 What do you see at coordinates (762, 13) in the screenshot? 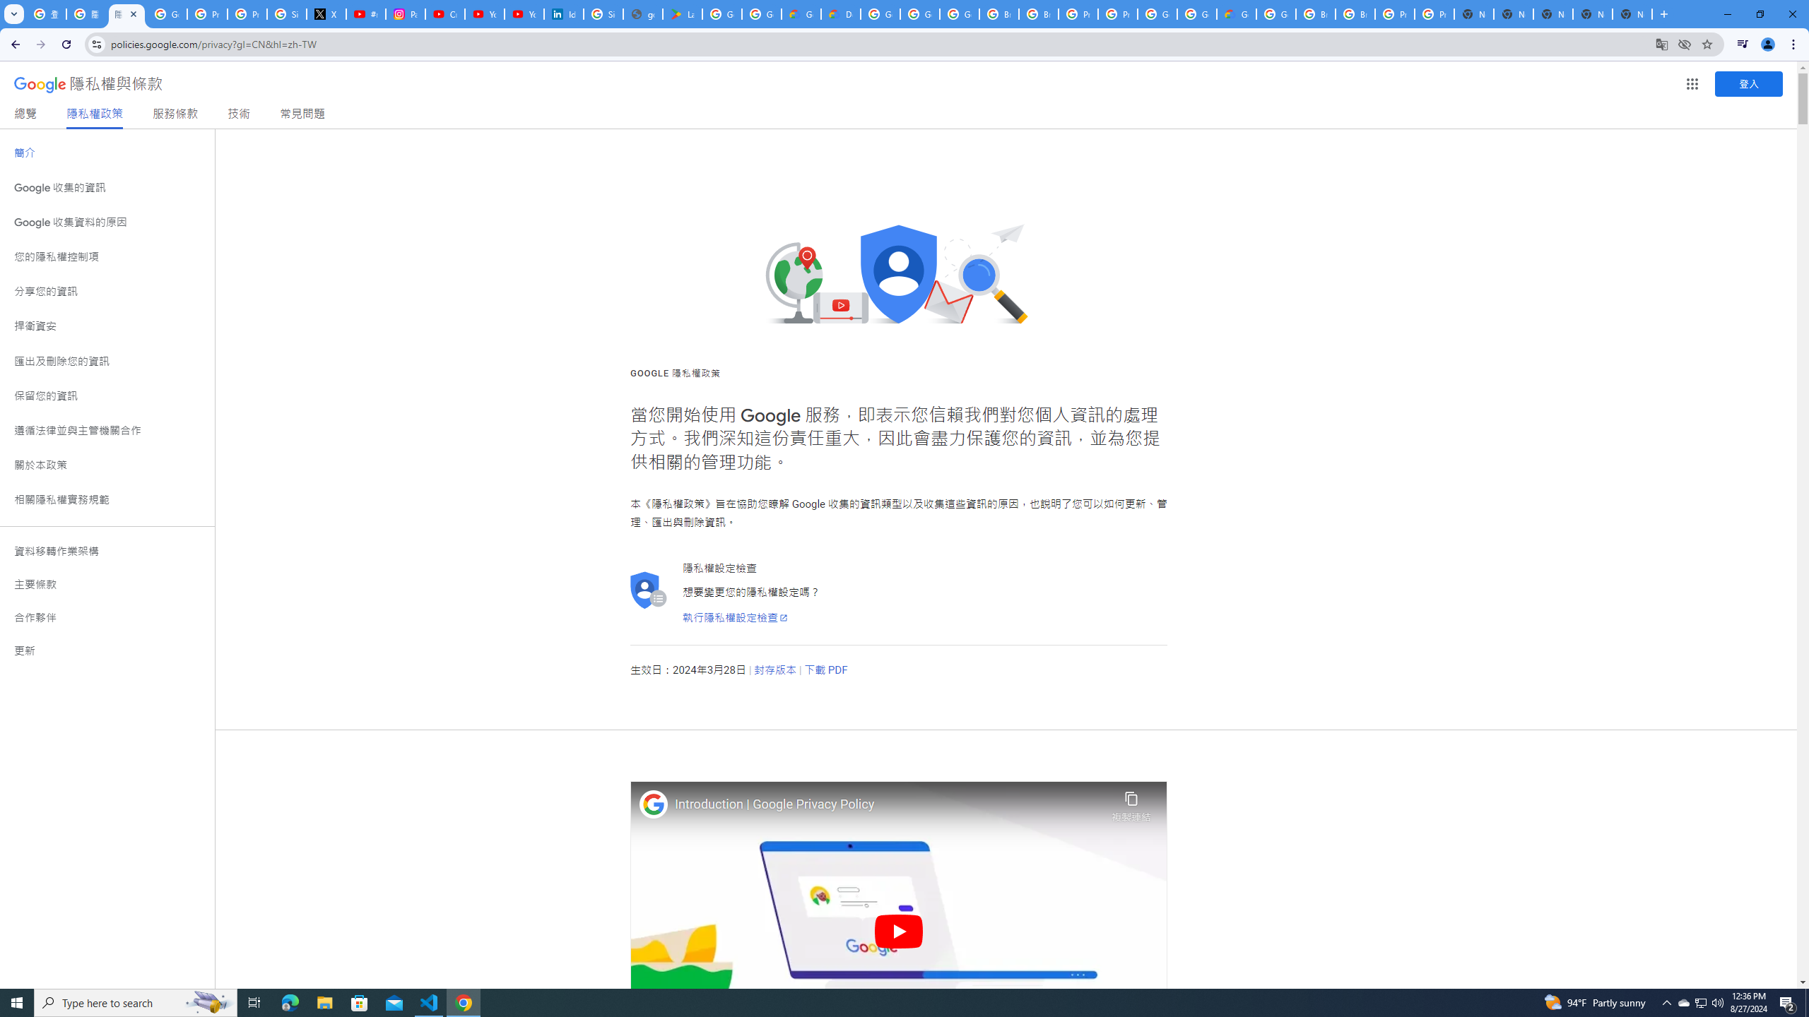
I see `'Google Workspace - Specific Terms'` at bounding box center [762, 13].